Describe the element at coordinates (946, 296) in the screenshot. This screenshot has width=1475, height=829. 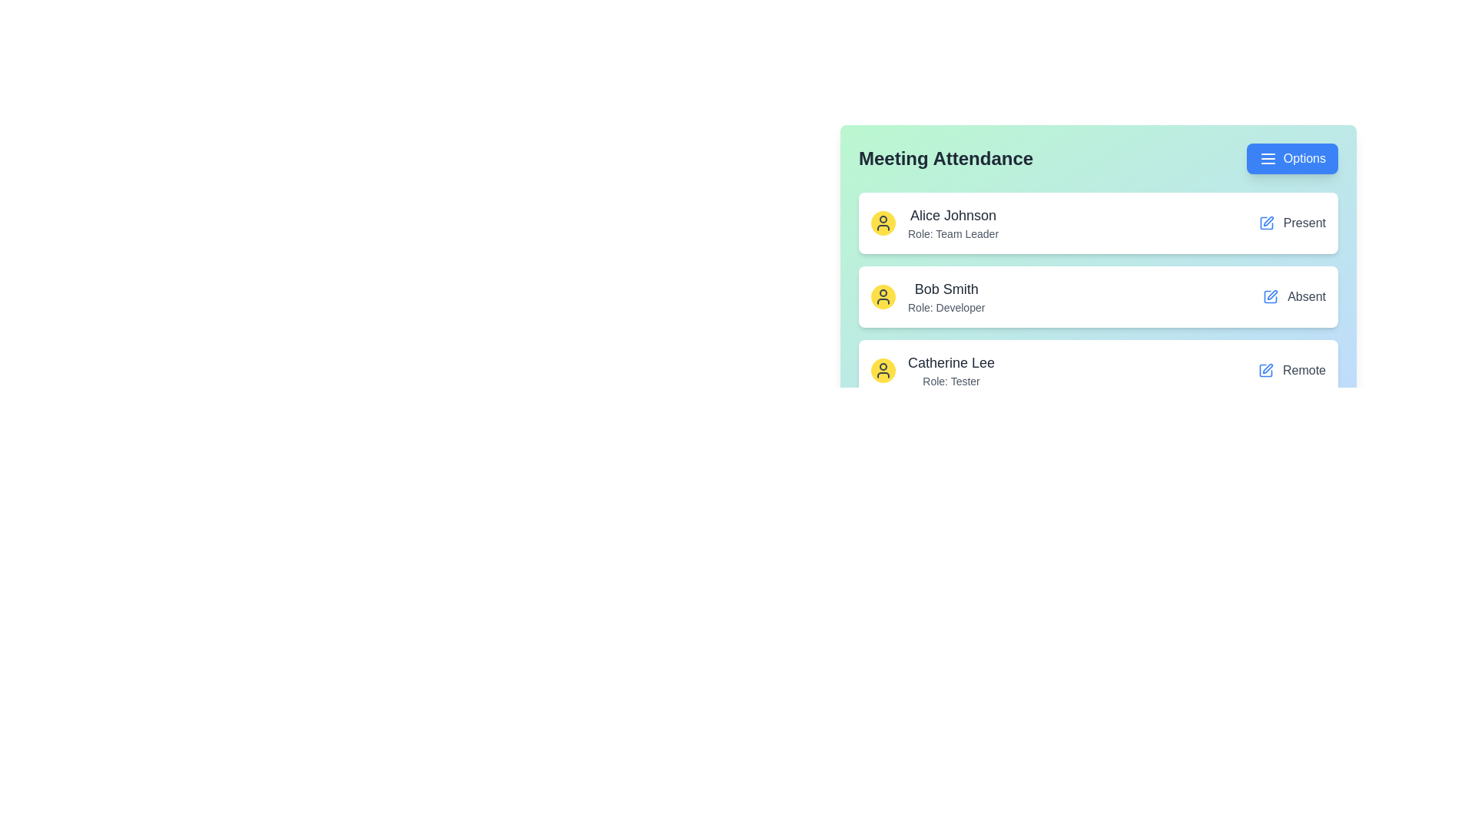
I see `name and role information from the Text display located in the center-right section of the interface, within the second item of the meeting attendance list` at that location.